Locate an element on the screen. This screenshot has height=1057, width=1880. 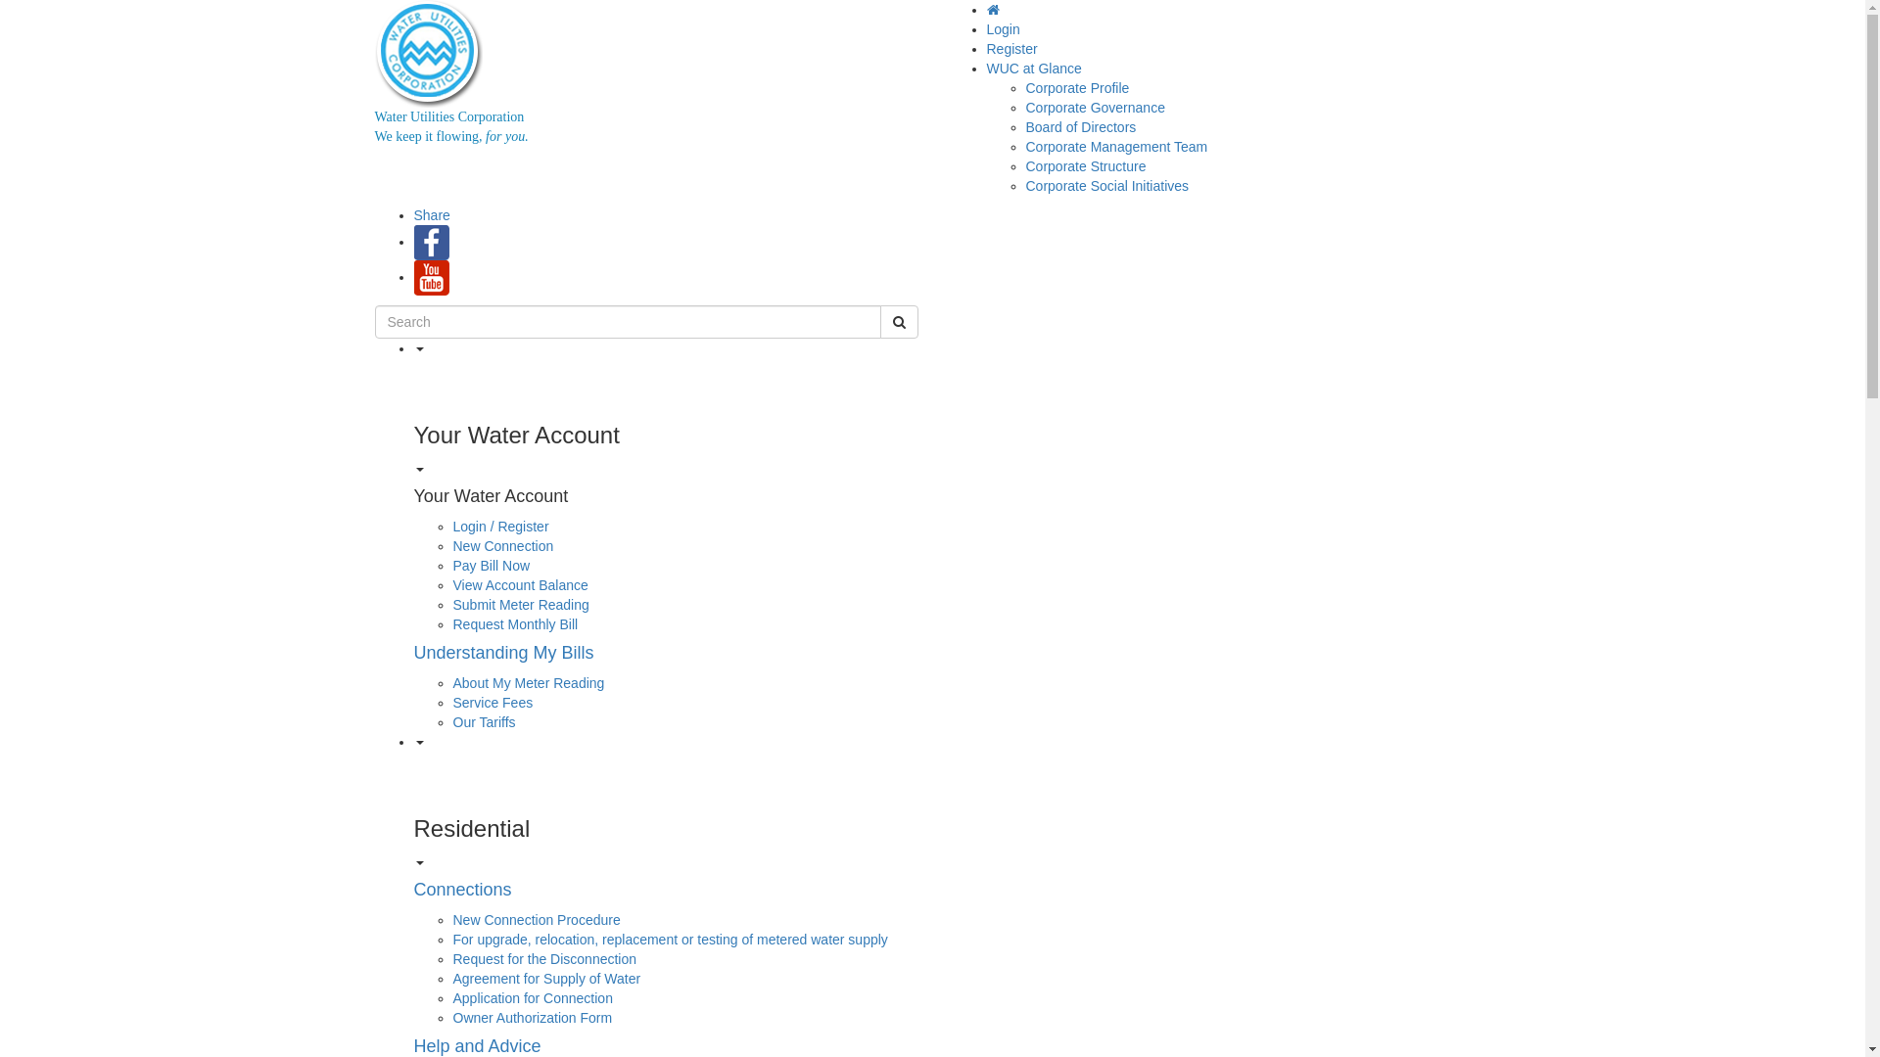
'Understanding My Bills' is located at coordinates (502, 653).